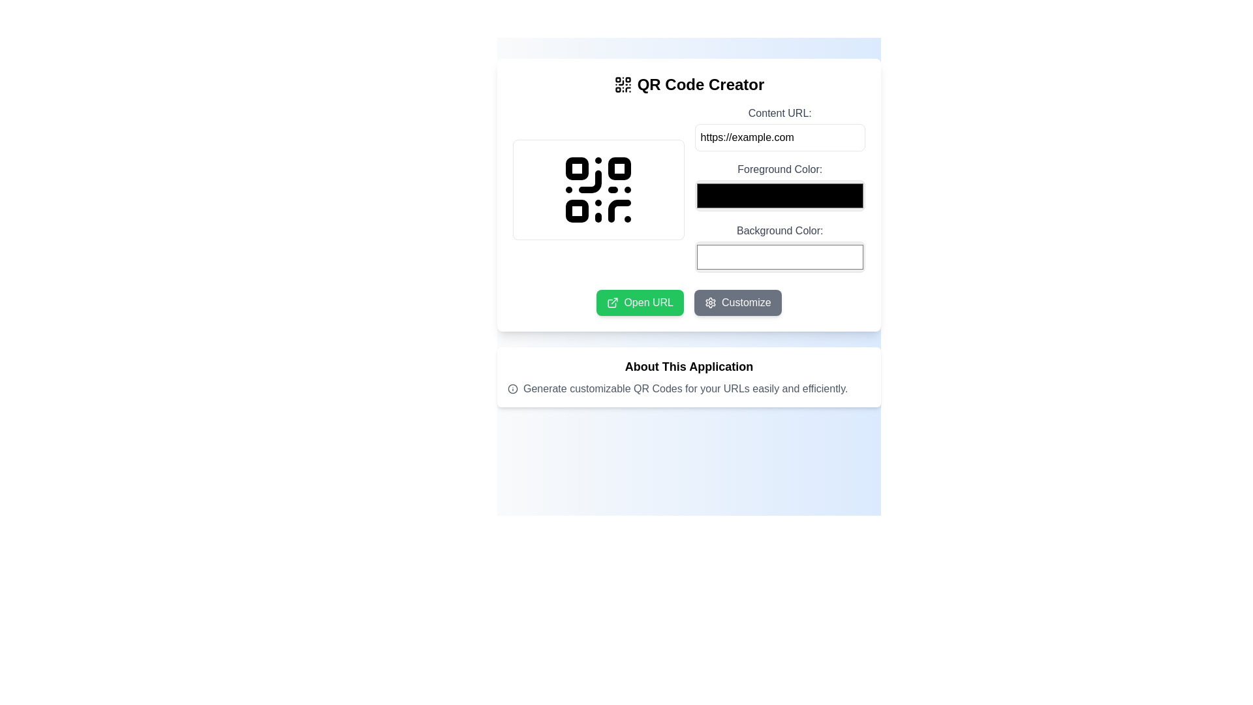  What do you see at coordinates (688, 85) in the screenshot?
I see `the title text element that indicates the purpose of the application for creating QR codes, which is positioned at the top of the form fields` at bounding box center [688, 85].